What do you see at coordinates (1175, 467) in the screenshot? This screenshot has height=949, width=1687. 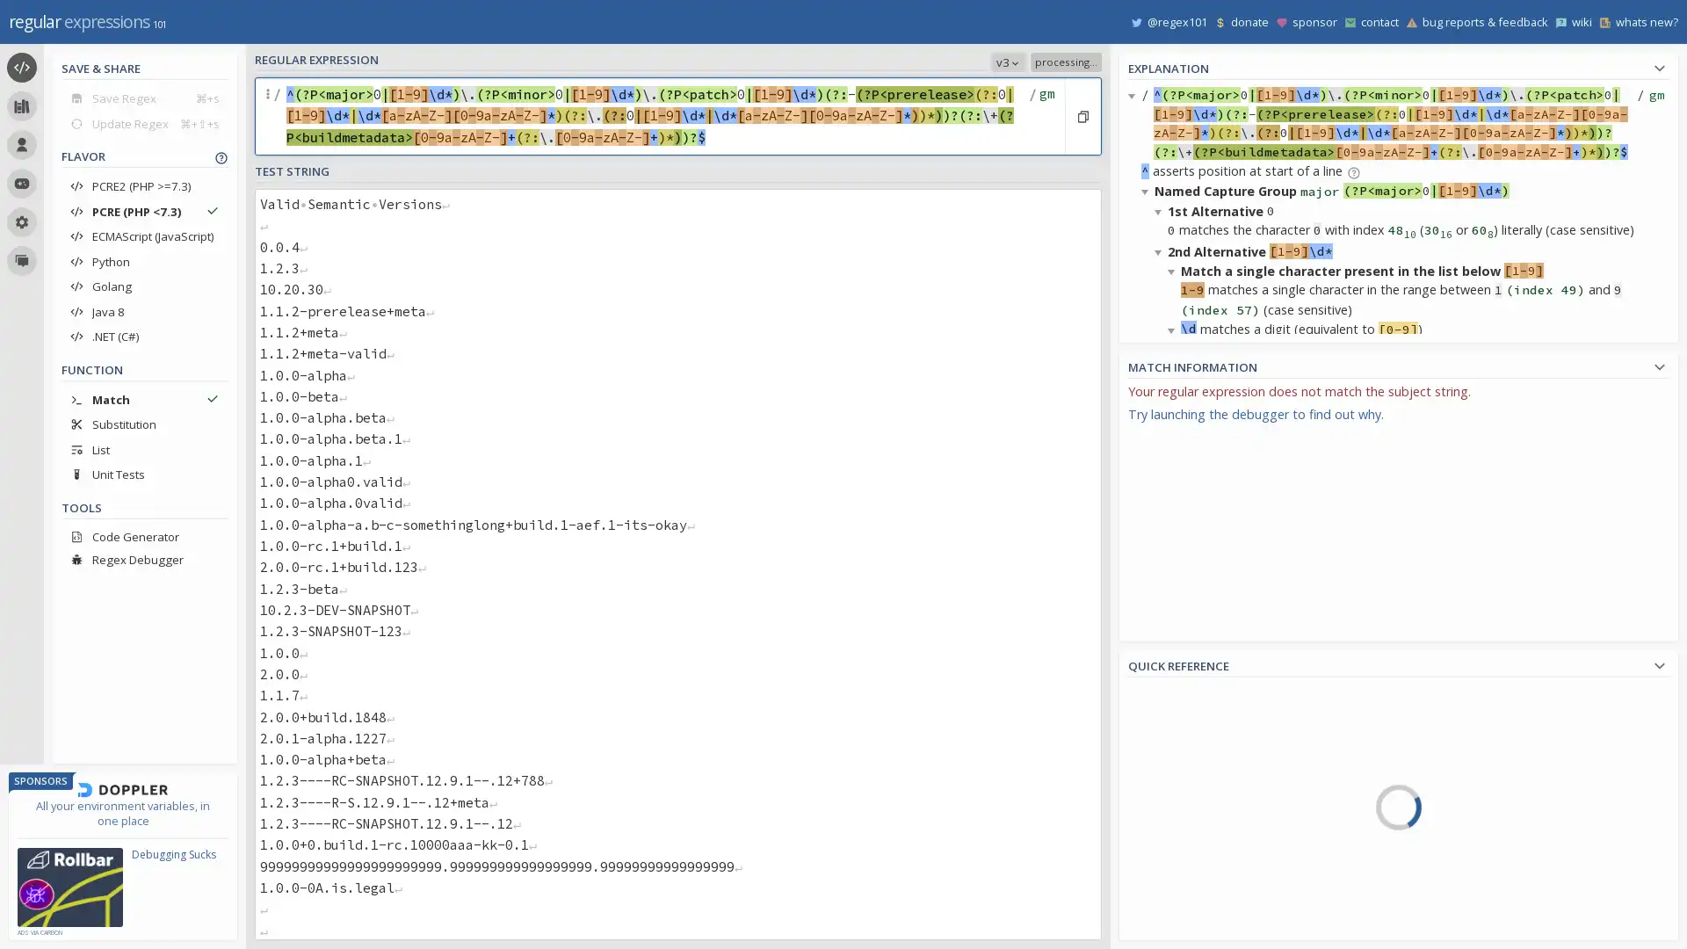 I see `Group minor` at bounding box center [1175, 467].